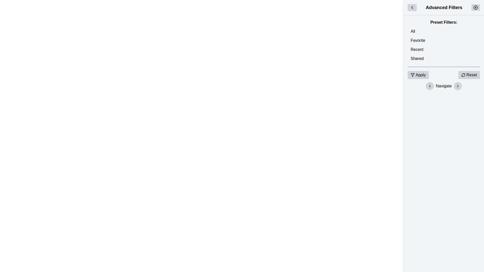  Describe the element at coordinates (469, 75) in the screenshot. I see `the reset button located to the right of the 'Apply' button in the top-right section of the sidebar interface` at that location.